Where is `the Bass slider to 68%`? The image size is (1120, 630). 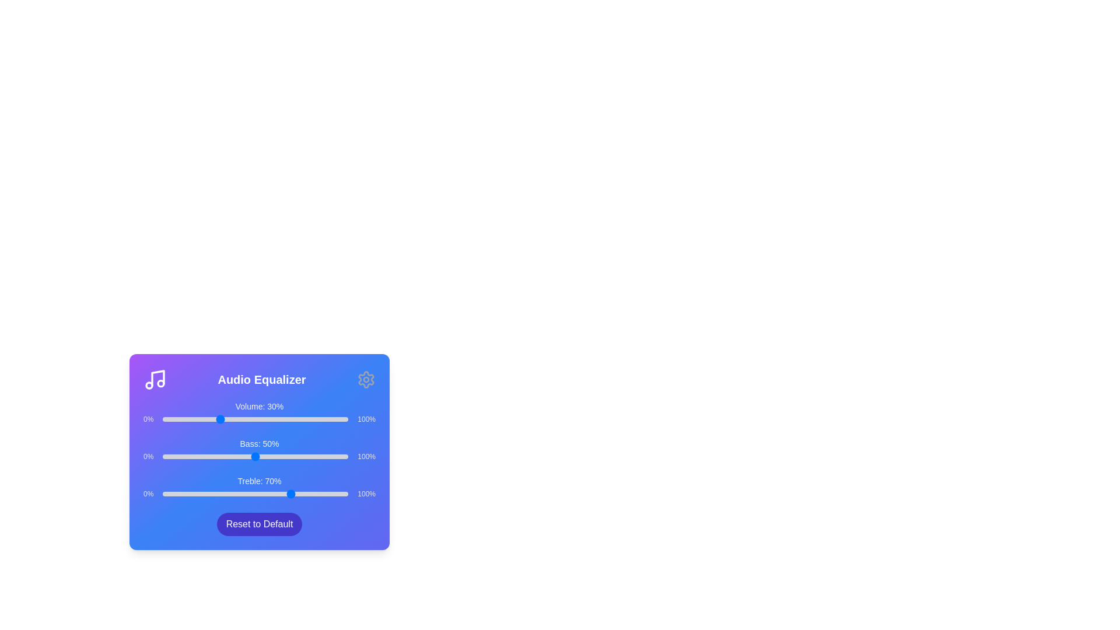
the Bass slider to 68% is located at coordinates (289, 456).